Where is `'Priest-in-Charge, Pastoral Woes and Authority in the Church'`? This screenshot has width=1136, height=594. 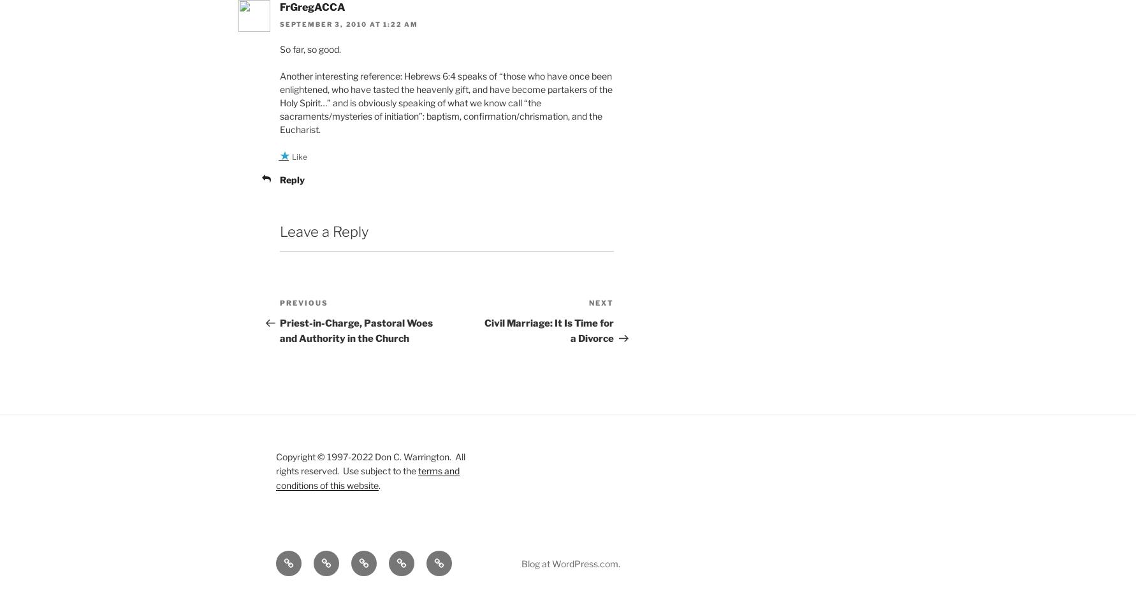 'Priest-in-Charge, Pastoral Woes and Authority in the Church' is located at coordinates (356, 330).